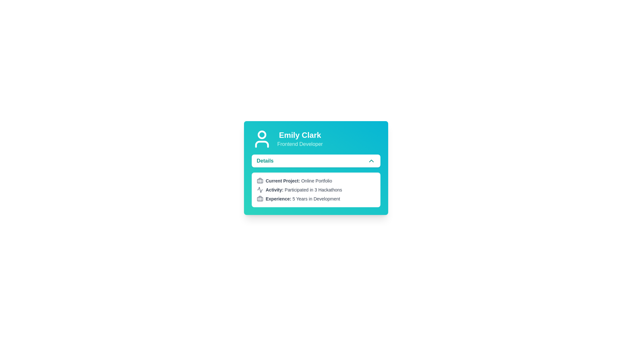 The width and height of the screenshot is (618, 347). I want to click on information displayed in the Informational card located below the 'Details' button within the 'Emily Clark Frontend Developer' profile card, so click(316, 189).